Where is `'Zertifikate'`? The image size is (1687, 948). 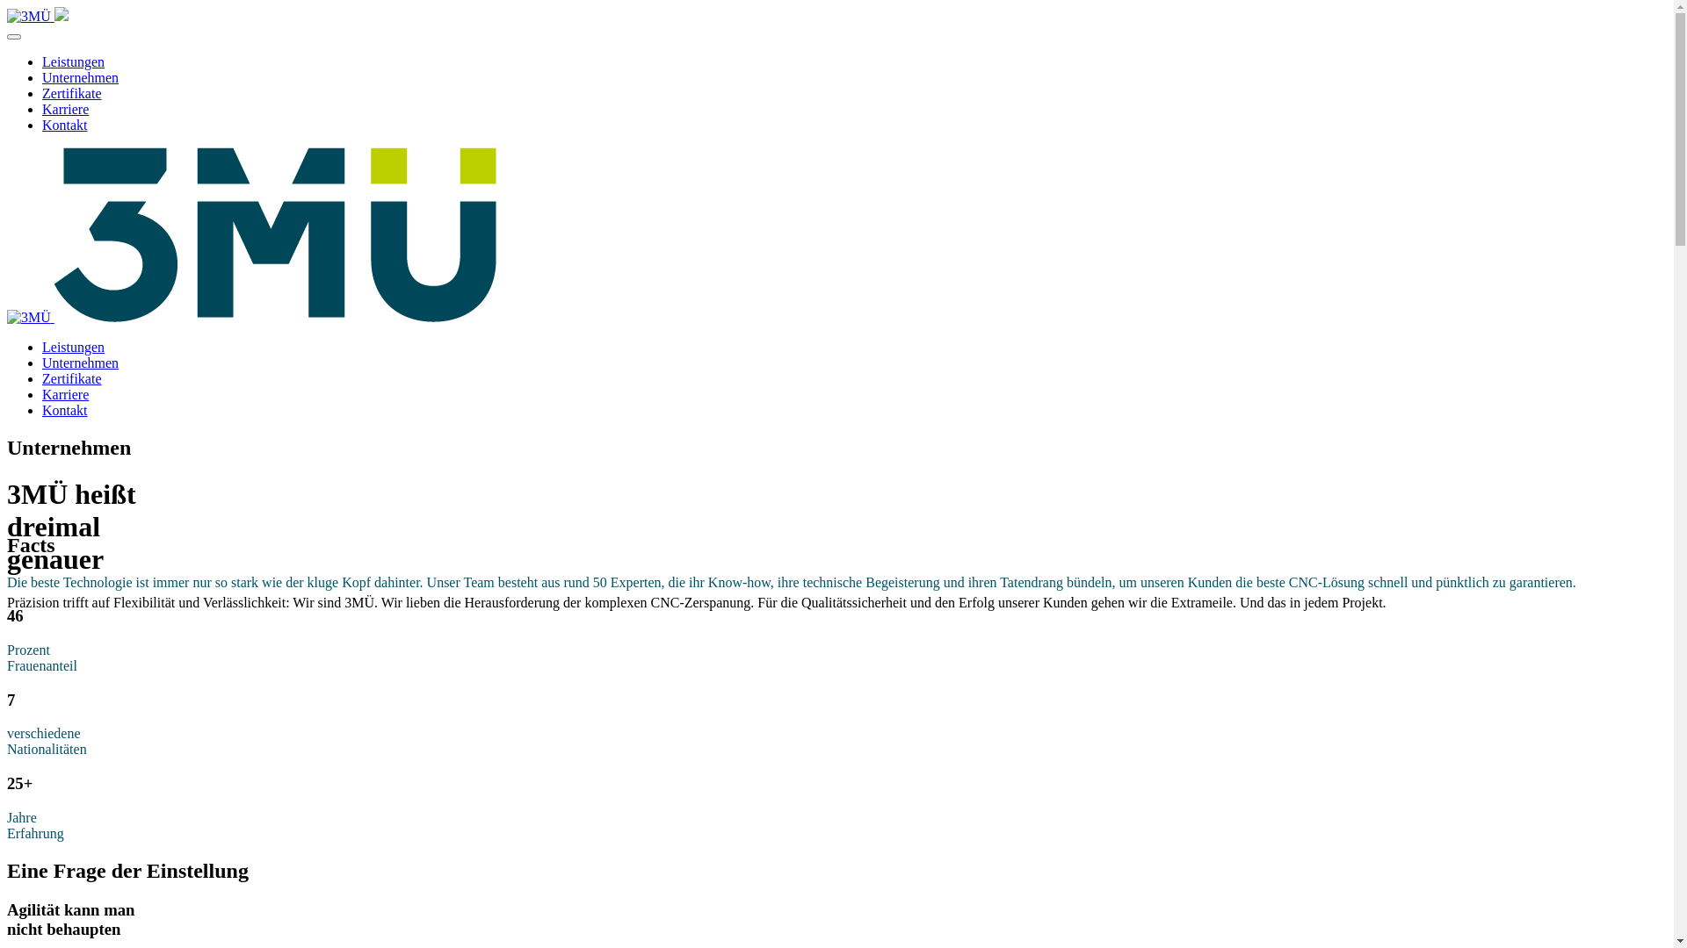 'Zertifikate' is located at coordinates (70, 93).